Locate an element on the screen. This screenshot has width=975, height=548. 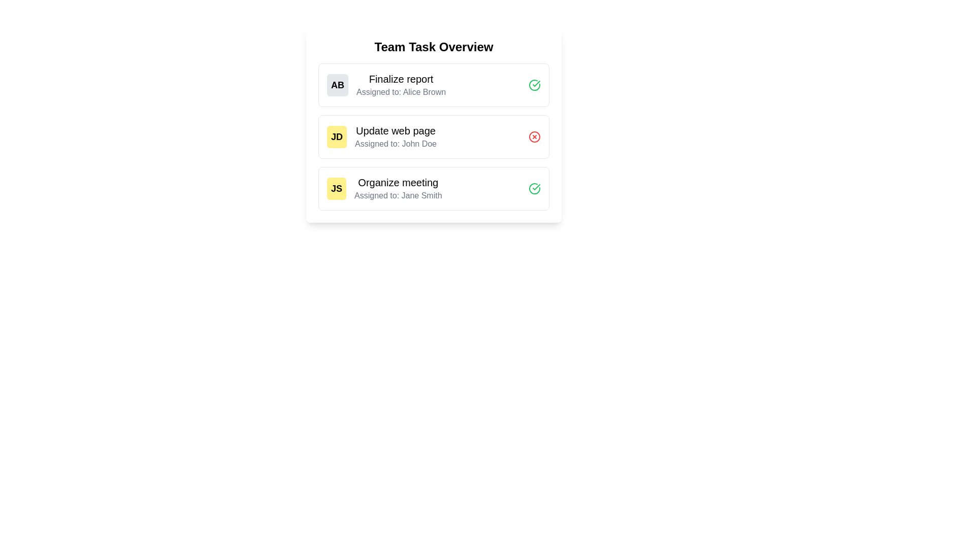
the green circular icon with a checkmark associated with the completed task 'Organize meeting' assigned to 'Jane Smith', located towards the right side of the task entry is located at coordinates (534, 188).